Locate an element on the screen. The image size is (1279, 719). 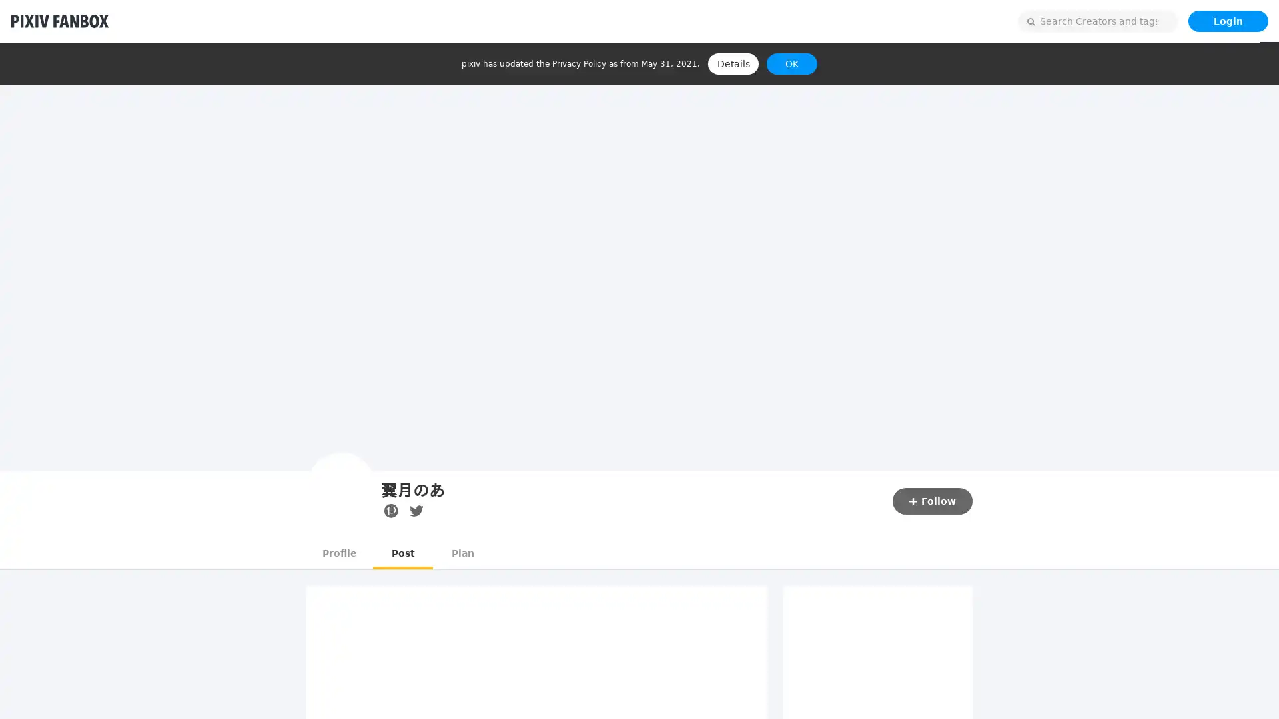
Login is located at coordinates (1227, 21).